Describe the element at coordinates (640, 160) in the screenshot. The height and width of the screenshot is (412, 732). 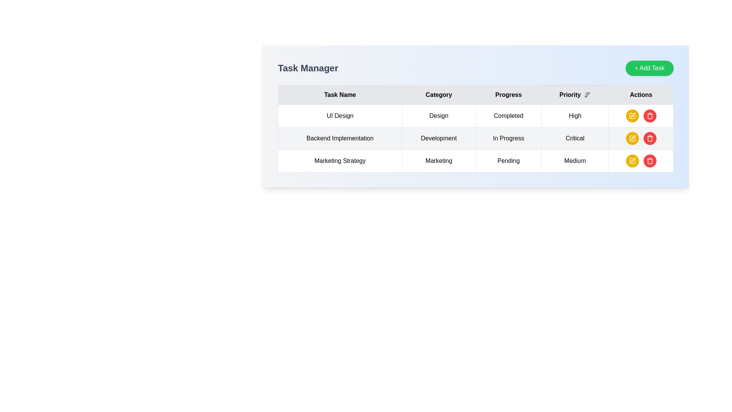
I see `the blank cell in the last column and last row of the table, which is part of the 'Actions' column, to interact with the icons contained within` at that location.